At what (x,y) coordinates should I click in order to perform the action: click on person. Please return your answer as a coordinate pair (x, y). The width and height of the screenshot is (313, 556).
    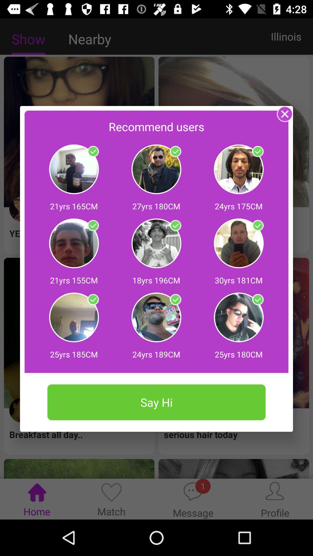
    Looking at the image, I should click on (175, 151).